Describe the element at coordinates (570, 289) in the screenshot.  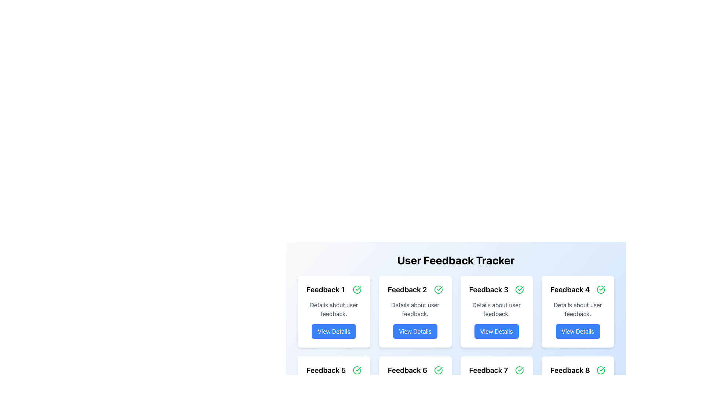
I see `the static text label displaying 'Feedback 4', which is styled with bold, large font and located in the top-right card of a 2x4 grid layout` at that location.